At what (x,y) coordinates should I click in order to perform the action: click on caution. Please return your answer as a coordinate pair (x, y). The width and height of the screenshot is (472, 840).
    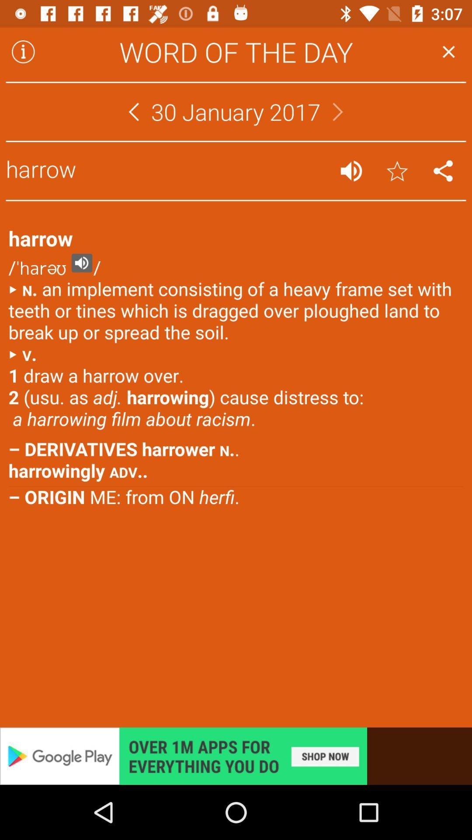
    Looking at the image, I should click on (23, 51).